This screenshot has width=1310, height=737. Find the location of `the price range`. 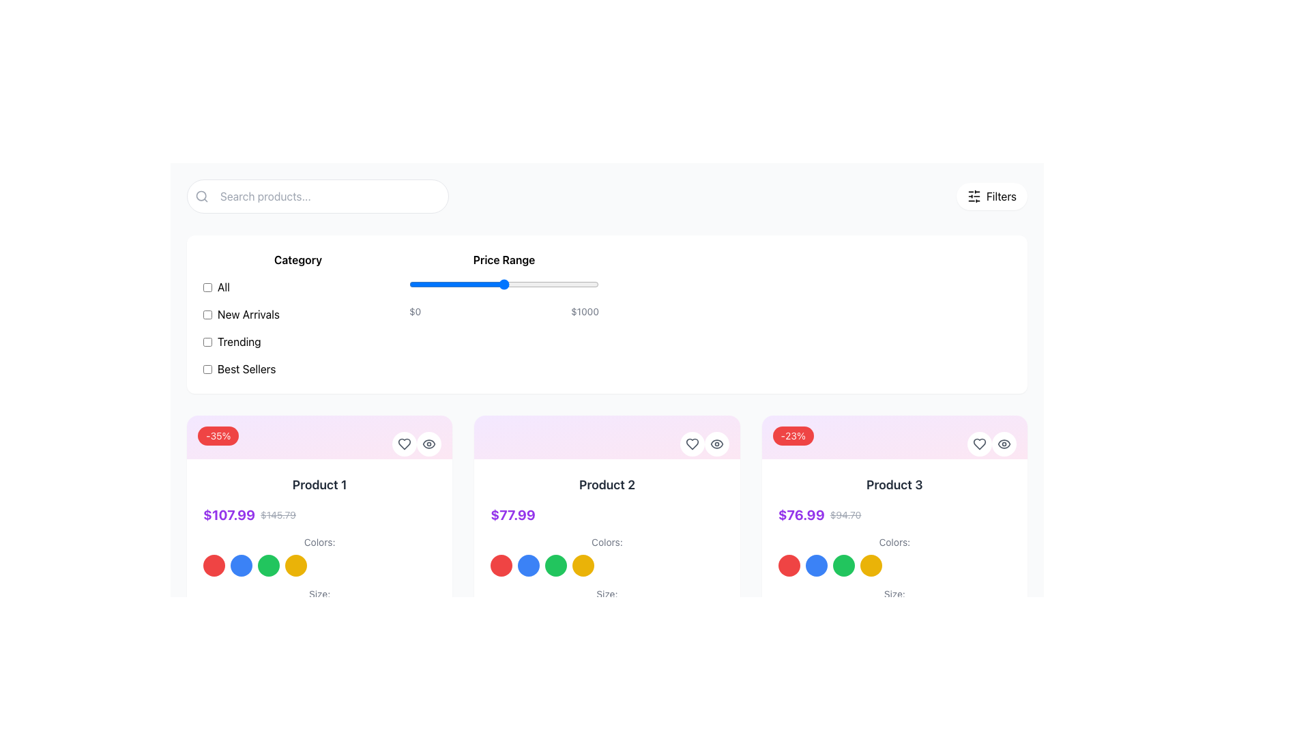

the price range is located at coordinates (556, 283).